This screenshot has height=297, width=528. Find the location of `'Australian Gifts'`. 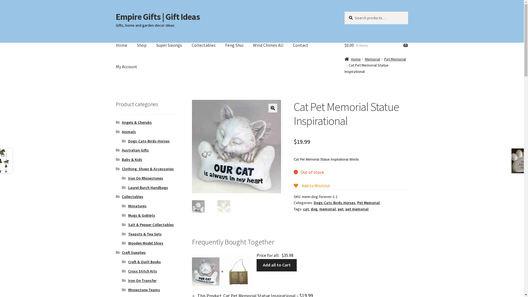

'Australian Gifts' is located at coordinates (135, 150).